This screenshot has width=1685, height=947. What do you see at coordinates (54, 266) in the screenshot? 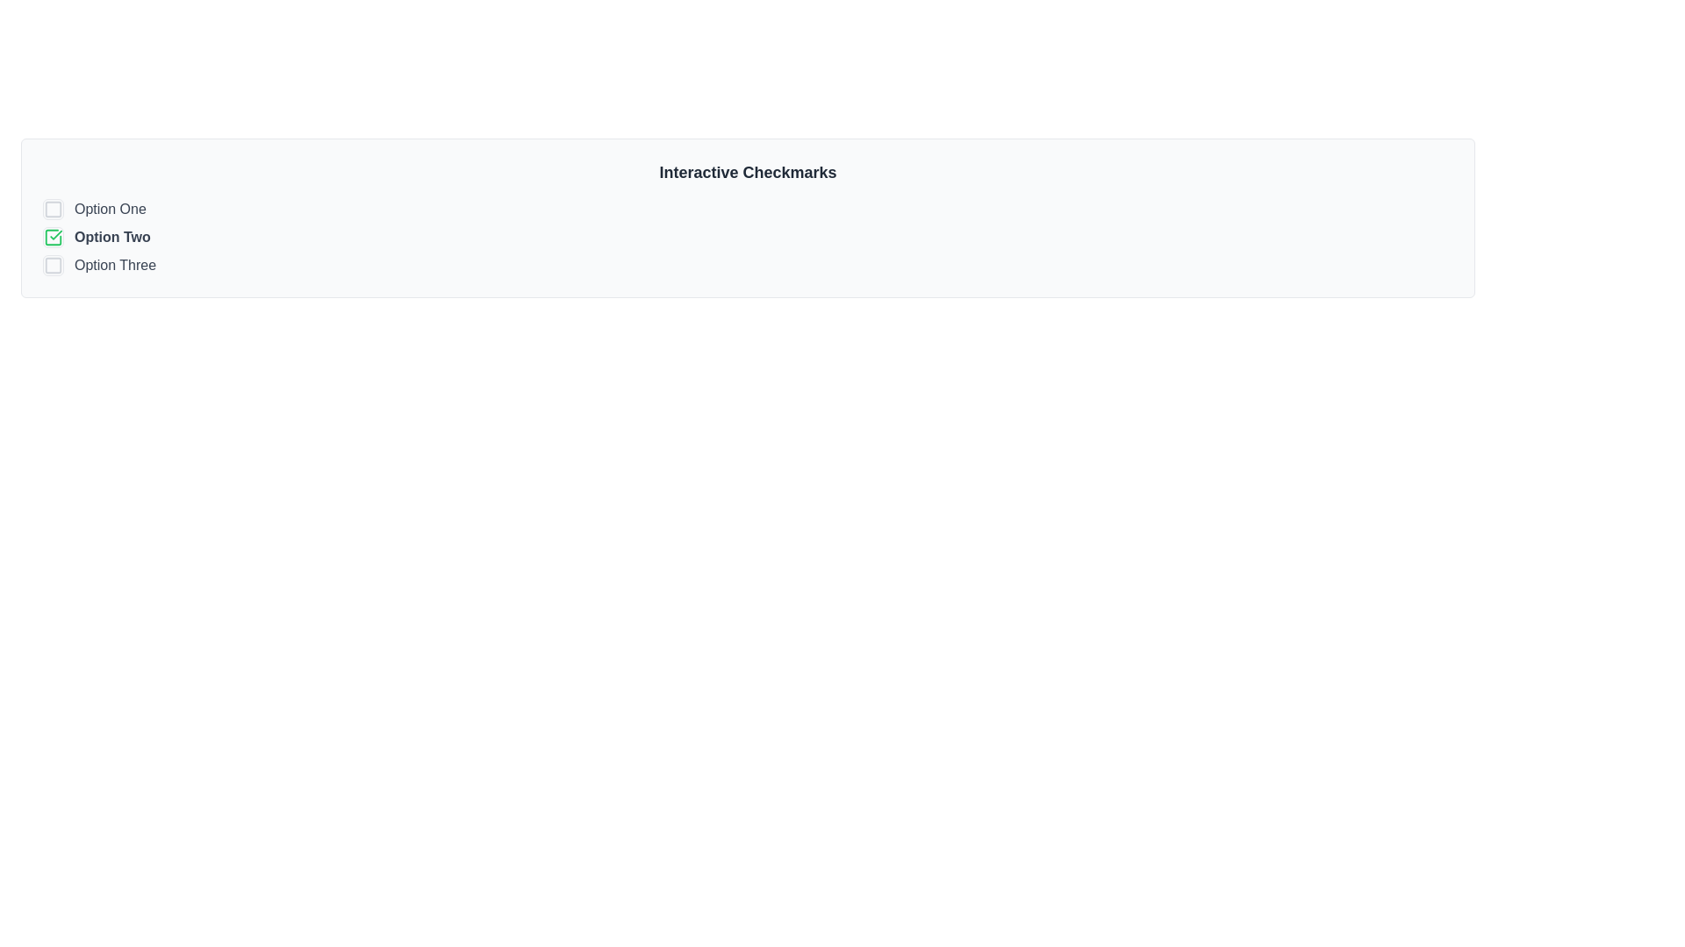
I see `the square Checkbox icon located to the left of the text 'Option Three'` at bounding box center [54, 266].